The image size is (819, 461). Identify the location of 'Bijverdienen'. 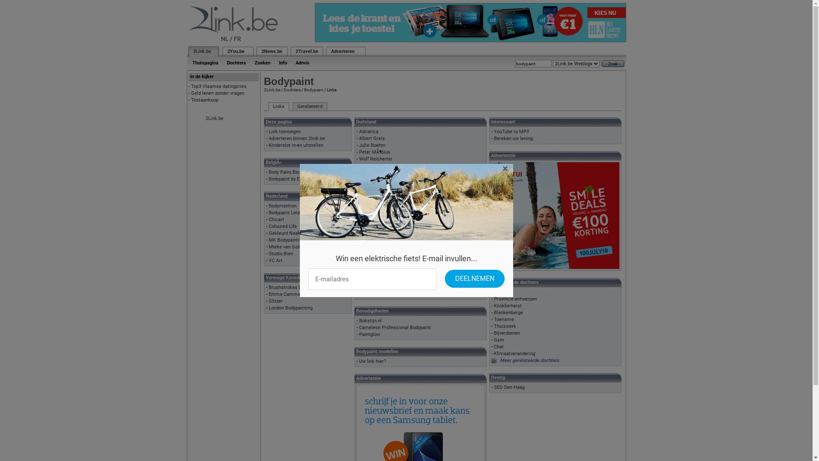
(507, 333).